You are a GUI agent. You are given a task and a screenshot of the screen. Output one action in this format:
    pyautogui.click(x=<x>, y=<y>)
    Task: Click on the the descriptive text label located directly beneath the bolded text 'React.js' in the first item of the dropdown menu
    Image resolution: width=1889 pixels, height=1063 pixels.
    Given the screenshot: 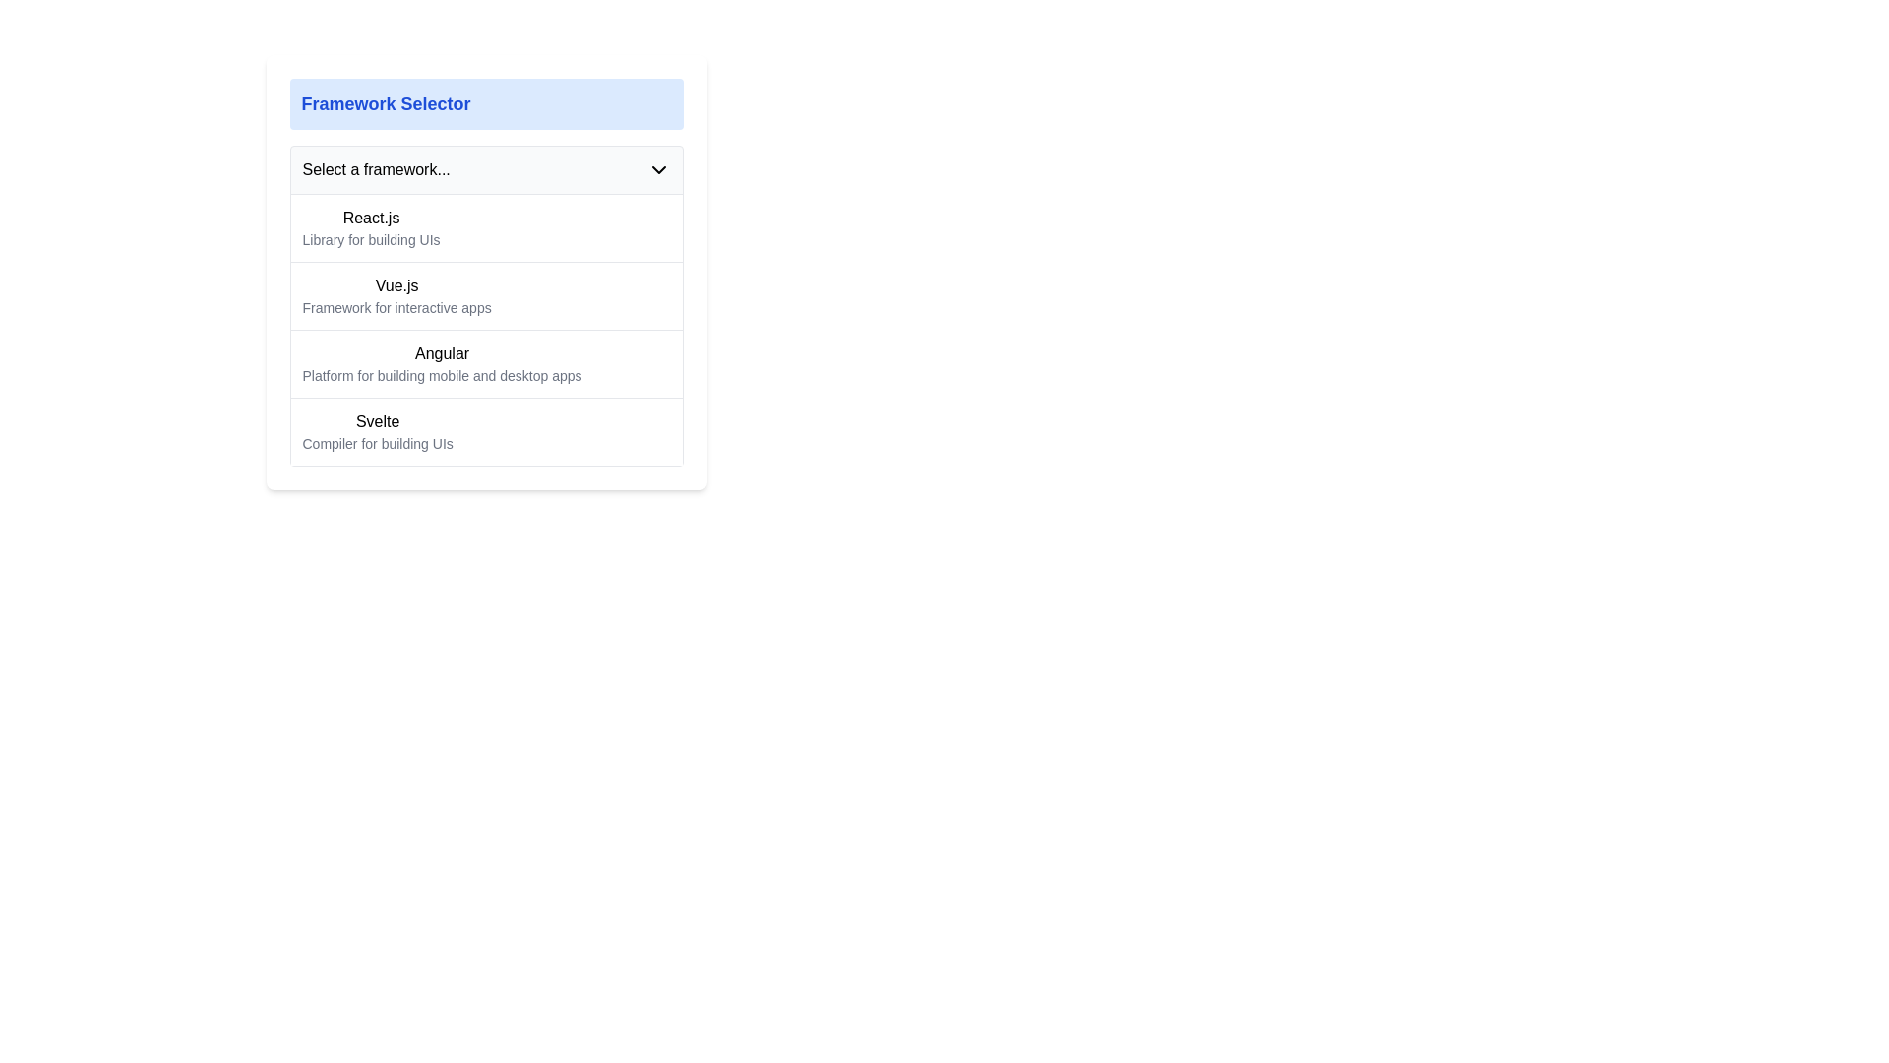 What is the action you would take?
    pyautogui.click(x=371, y=238)
    